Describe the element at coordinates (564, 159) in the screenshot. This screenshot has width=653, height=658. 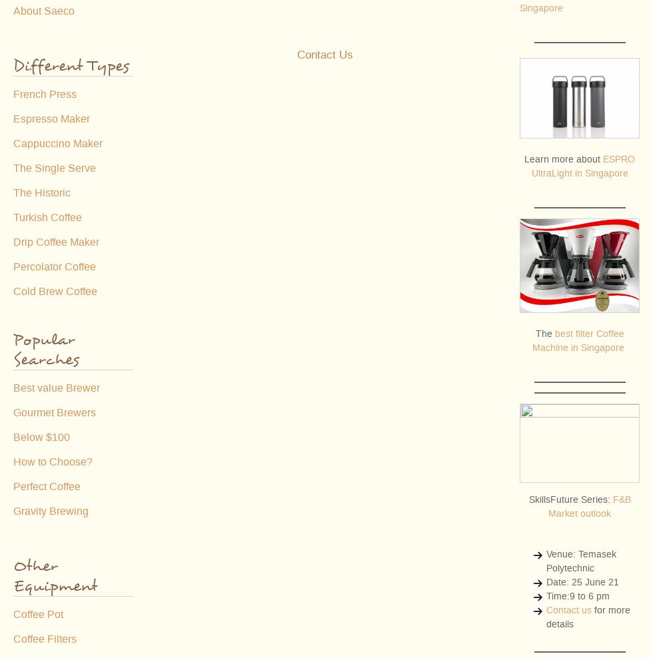
I see `'Learn more about'` at that location.